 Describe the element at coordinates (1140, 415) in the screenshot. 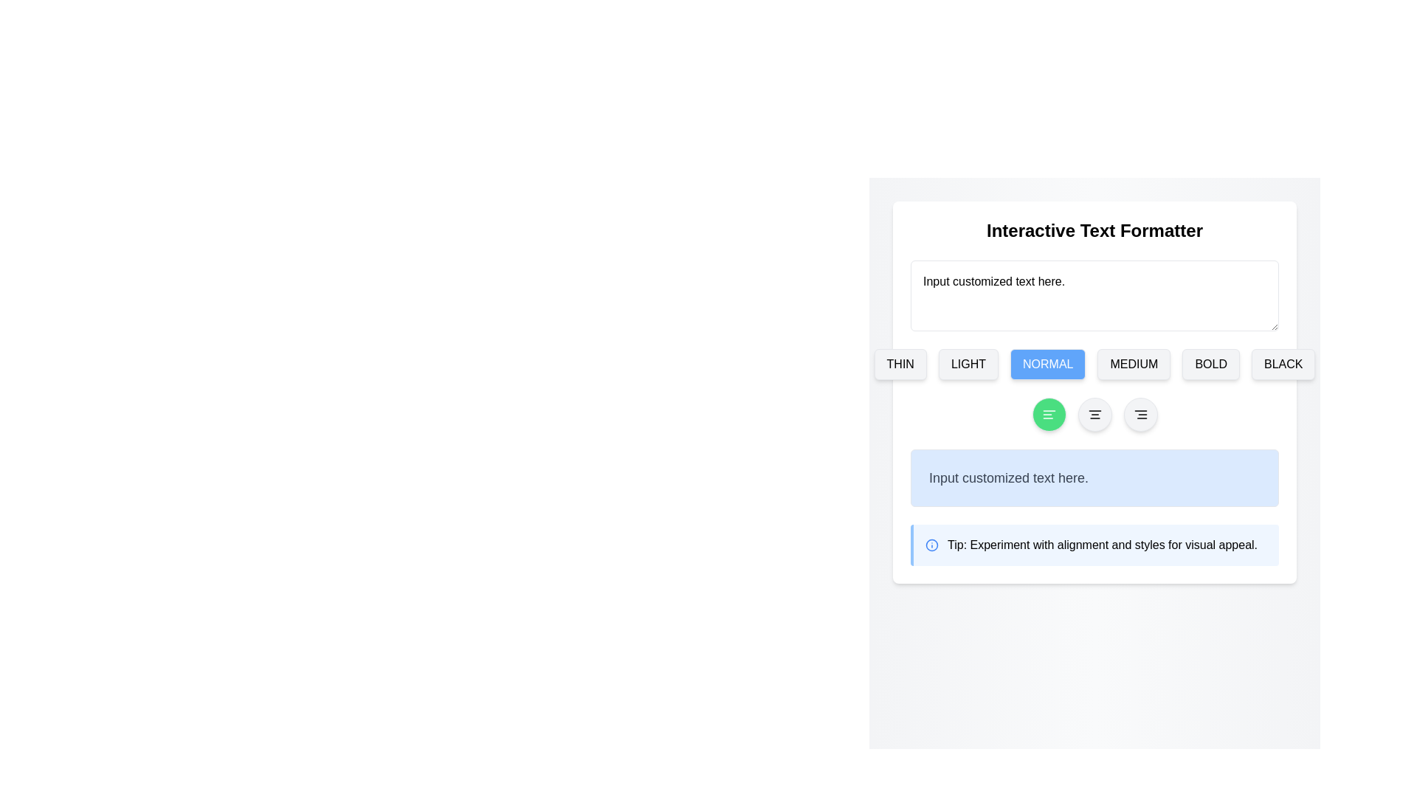

I see `the right-align button in the text formatting application for keyboard navigation` at that location.